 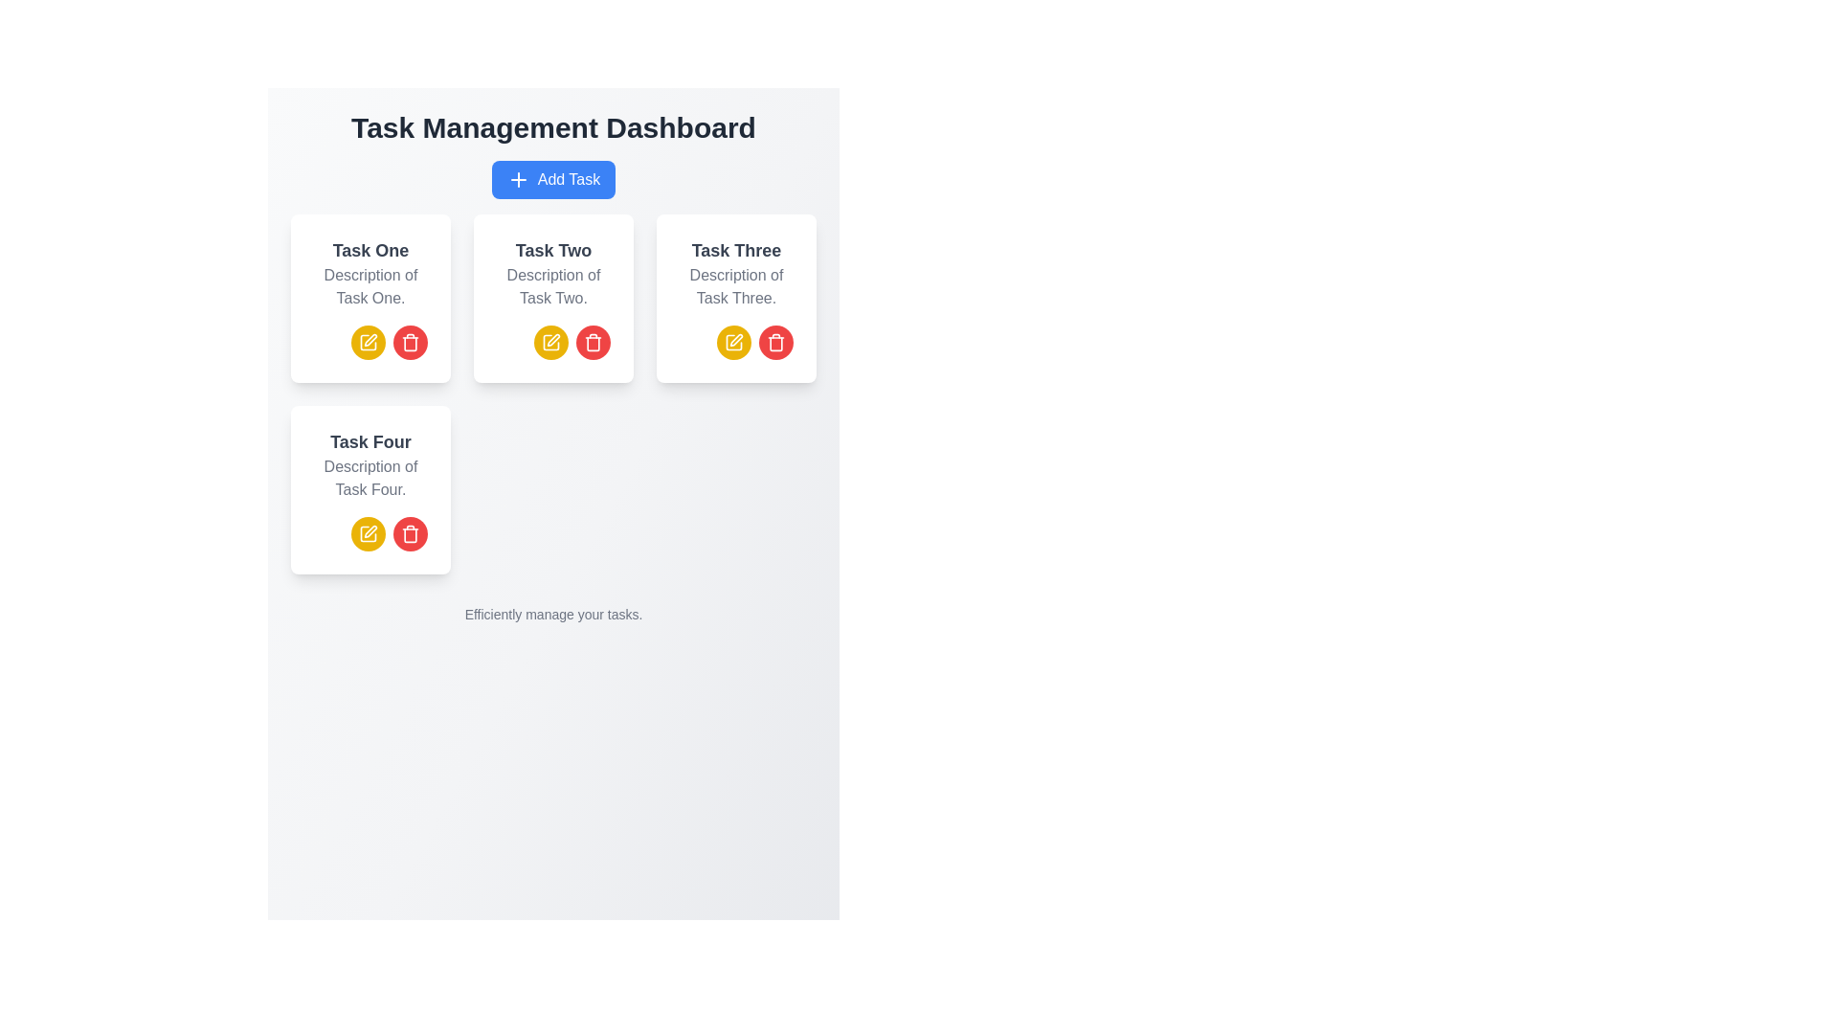 What do you see at coordinates (592, 342) in the screenshot?
I see `the trash bin icon located at the bottom right of the 'Task Two' task card` at bounding box center [592, 342].